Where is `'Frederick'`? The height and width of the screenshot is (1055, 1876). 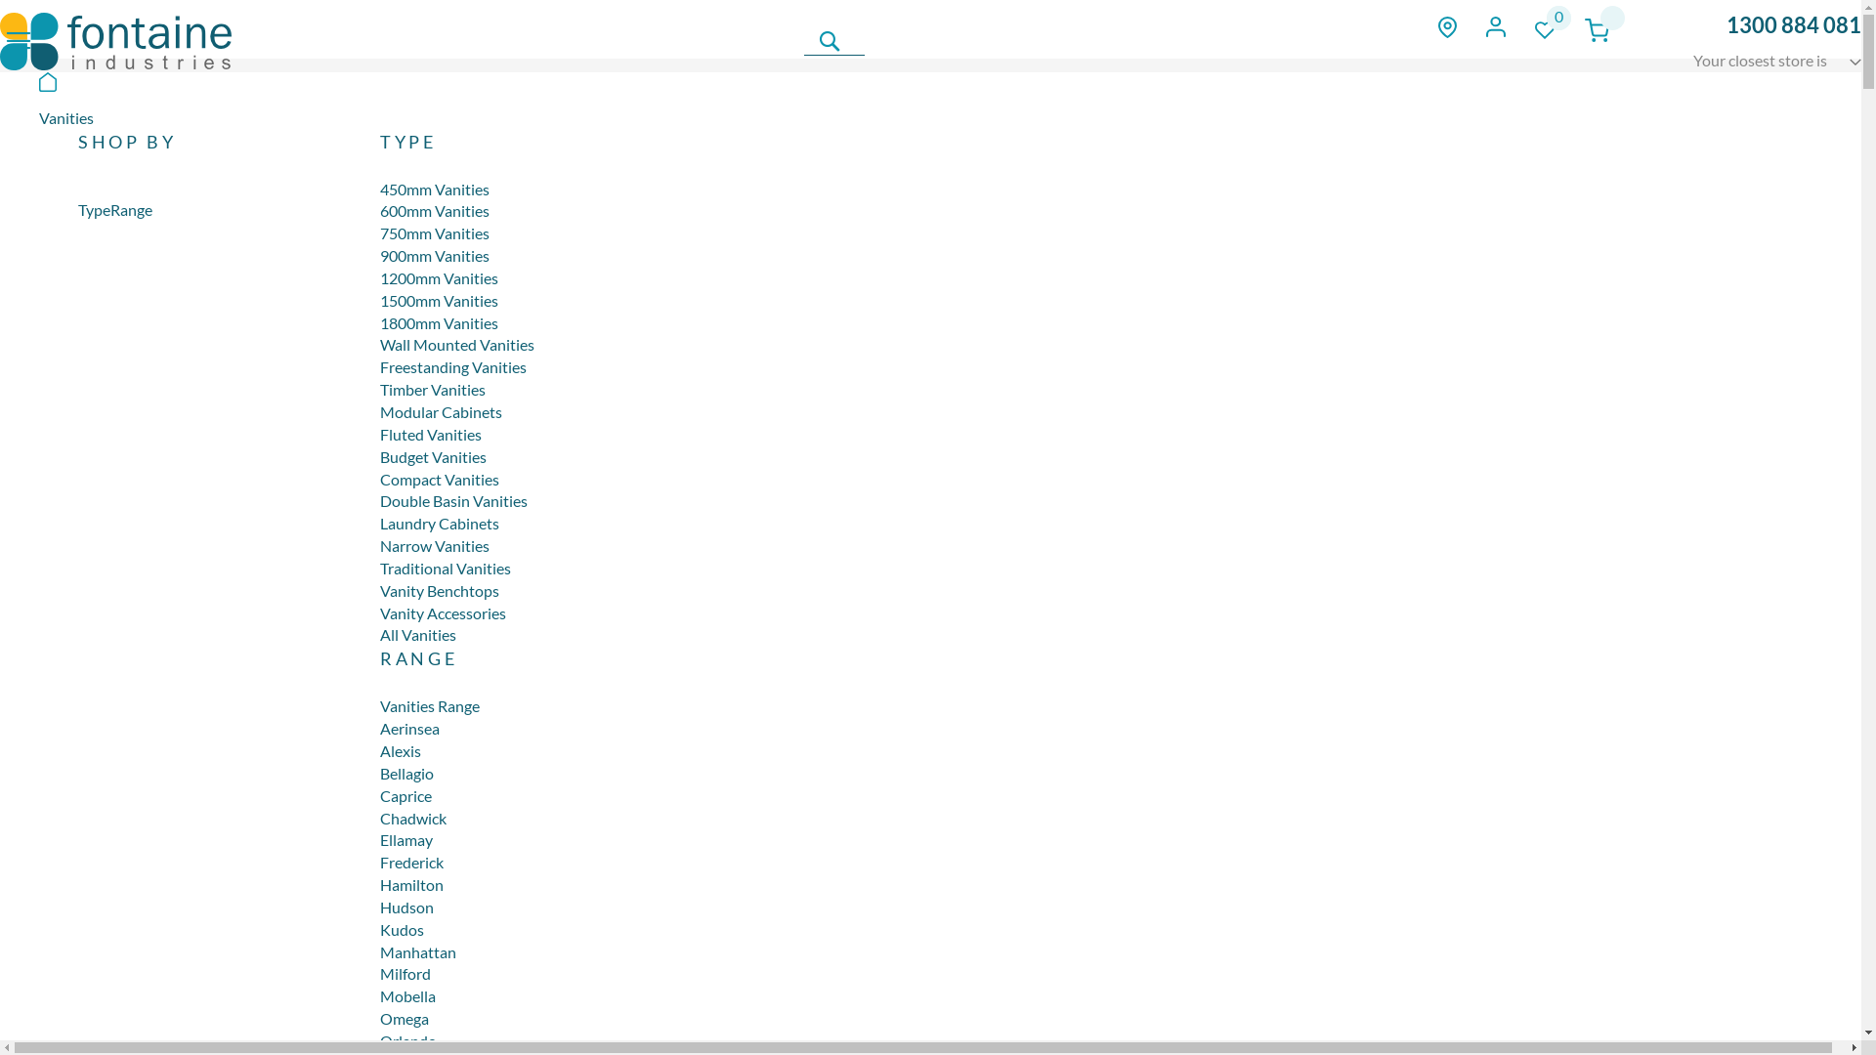 'Frederick' is located at coordinates (410, 861).